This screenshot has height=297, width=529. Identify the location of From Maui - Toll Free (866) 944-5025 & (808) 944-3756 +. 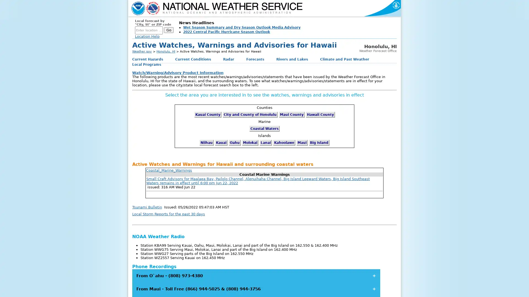
(256, 288).